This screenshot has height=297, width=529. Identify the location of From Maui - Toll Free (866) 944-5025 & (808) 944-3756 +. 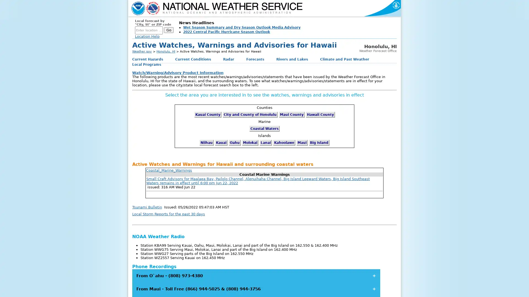
(256, 288).